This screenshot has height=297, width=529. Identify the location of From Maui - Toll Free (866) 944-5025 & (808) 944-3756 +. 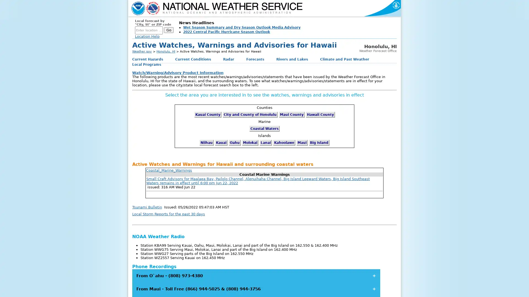
(256, 288).